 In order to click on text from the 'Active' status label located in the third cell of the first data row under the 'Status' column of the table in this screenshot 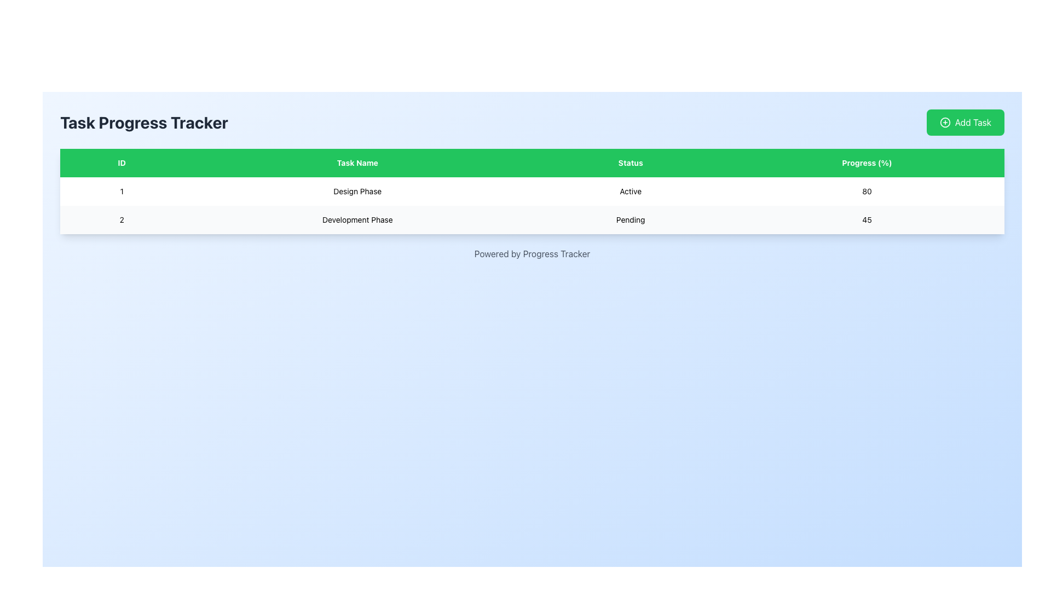, I will do `click(631, 191)`.